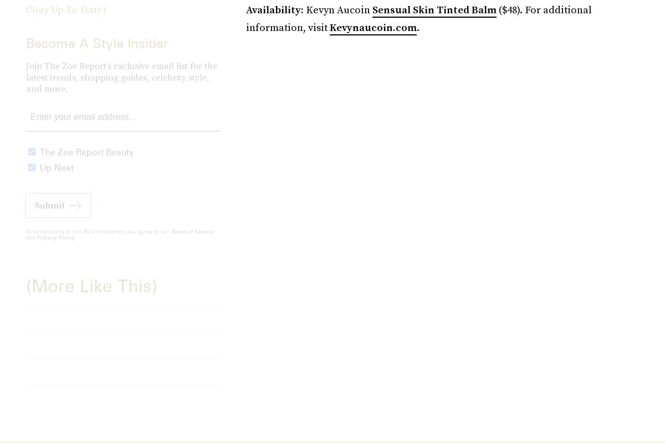 The image size is (665, 443). I want to click on 'Kevynaucoin.com', so click(373, 27).